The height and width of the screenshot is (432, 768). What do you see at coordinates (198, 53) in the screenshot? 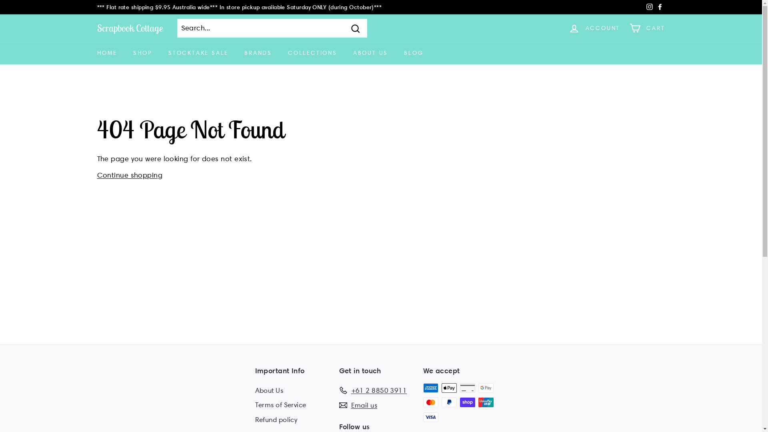
I see `'STOCKTAKE SALE'` at bounding box center [198, 53].